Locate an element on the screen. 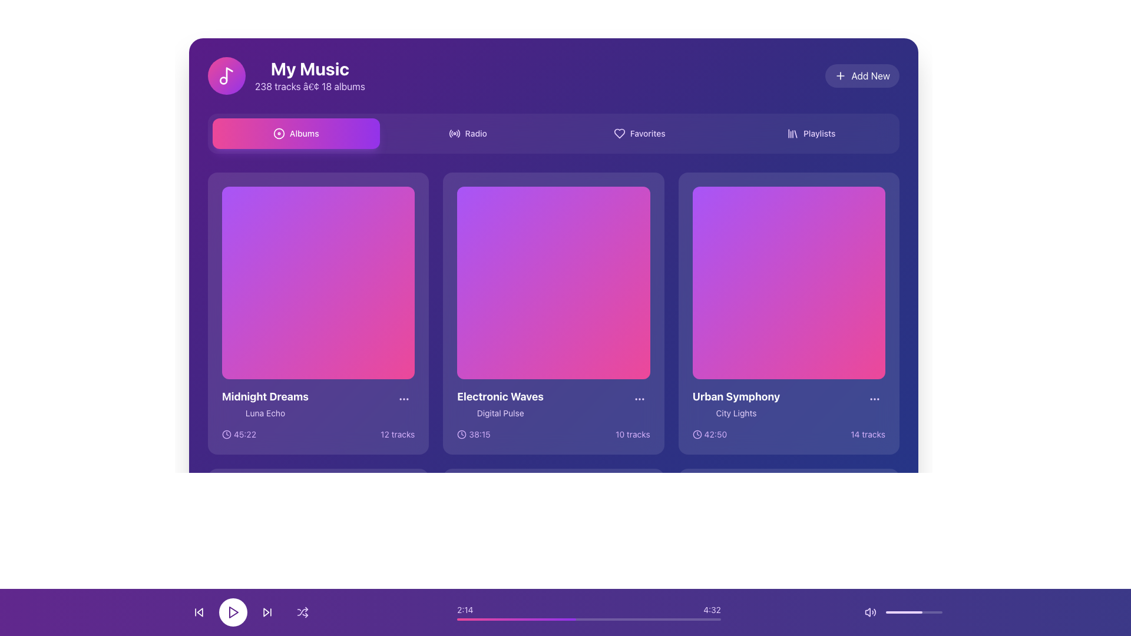 This screenshot has height=636, width=1131. the text label displaying 'Electronic Waves' styled in bold, white font, located near the bottom-center of the second card, above 'Digital Pulse' is located at coordinates (500, 397).